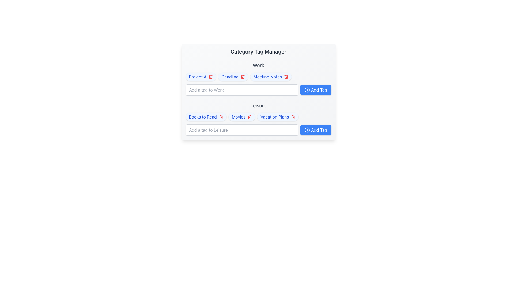 The image size is (514, 289). I want to click on the Decorative SVG component that is part of the 'Add Tag' icon button for the 'Work' category, which forms the outer boundary of the design, so click(307, 89).